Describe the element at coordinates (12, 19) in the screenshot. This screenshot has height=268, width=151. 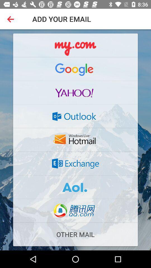
I see `the item to the left of the add your email item` at that location.